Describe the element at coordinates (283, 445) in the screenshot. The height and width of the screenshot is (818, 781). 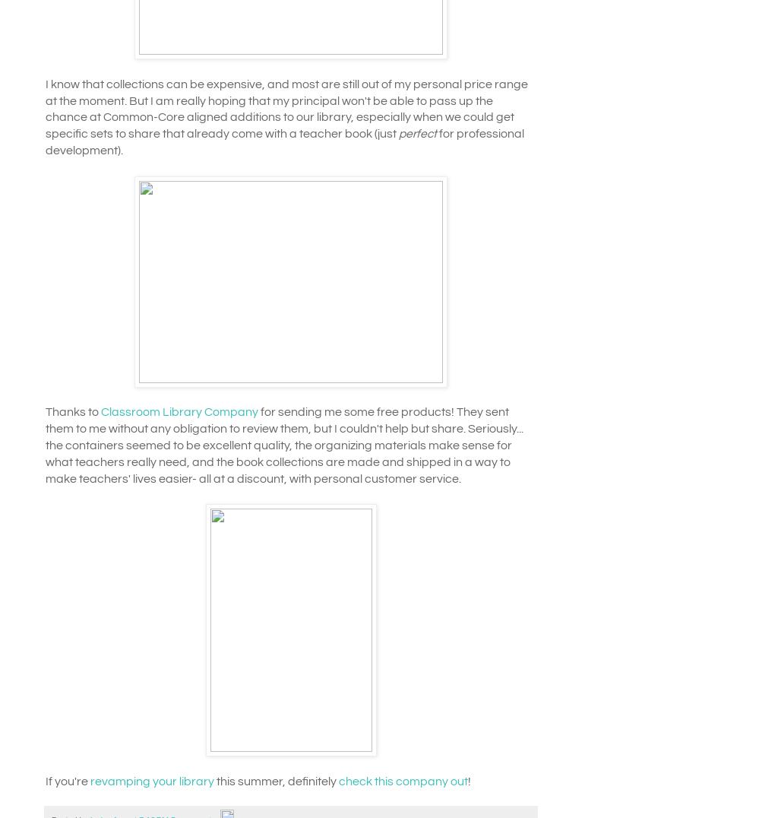
I see `'for sending me some free products! They sent them to me without any obligation to review them, but I couldn't help but share. Seriously... the containers seemed to be excellent quality, the organizing materials make sense for what teachers really need, and the book collections are made and shipped in a way to make teachers' lives easier- all at a discount, with personal customer service.'` at that location.